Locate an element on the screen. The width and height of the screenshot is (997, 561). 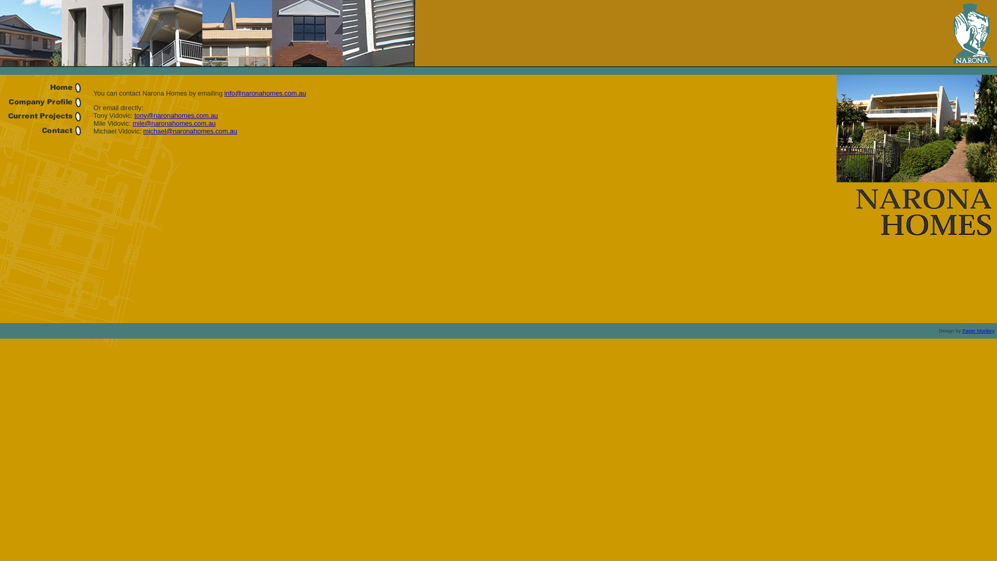
'tony@naronahomes.com.au' is located at coordinates (176, 115).